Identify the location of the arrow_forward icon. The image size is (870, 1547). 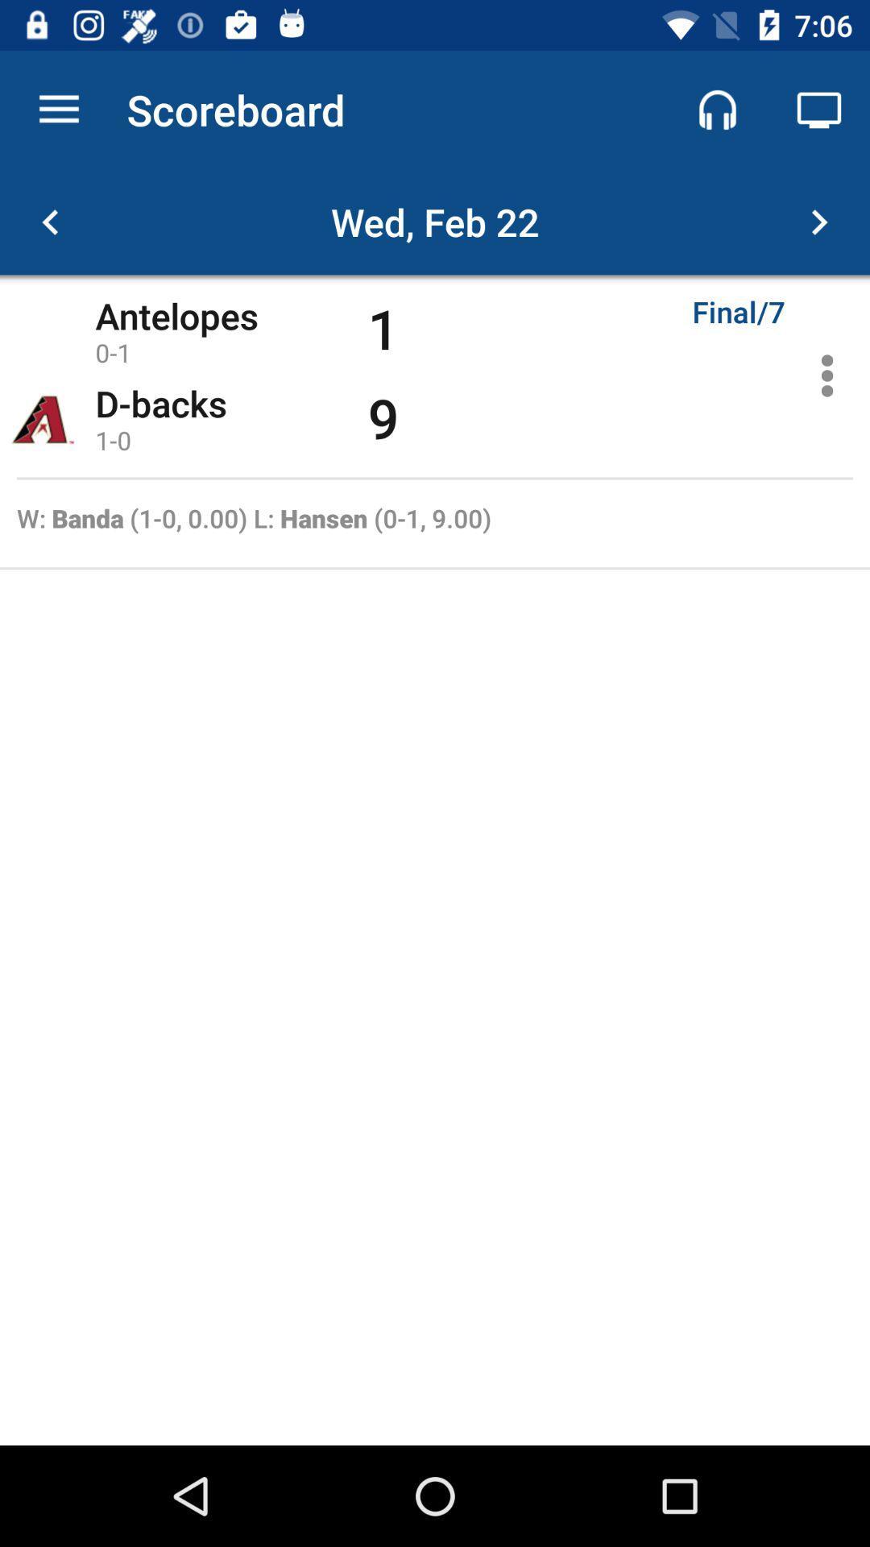
(819, 221).